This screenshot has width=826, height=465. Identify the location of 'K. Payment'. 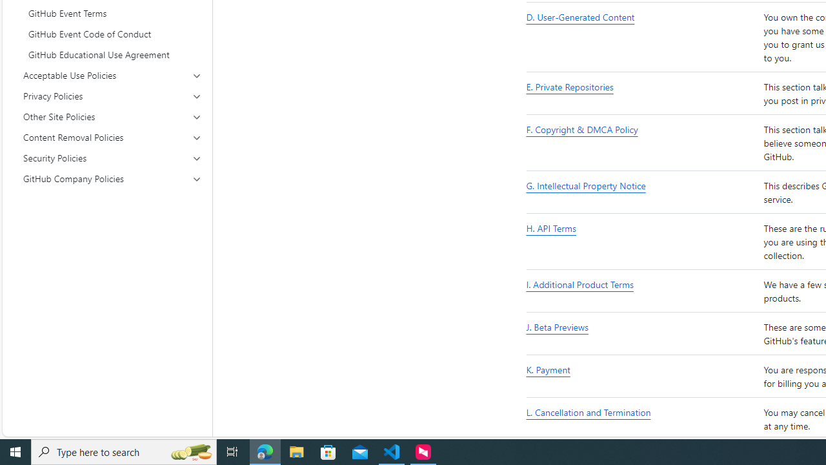
(642, 377).